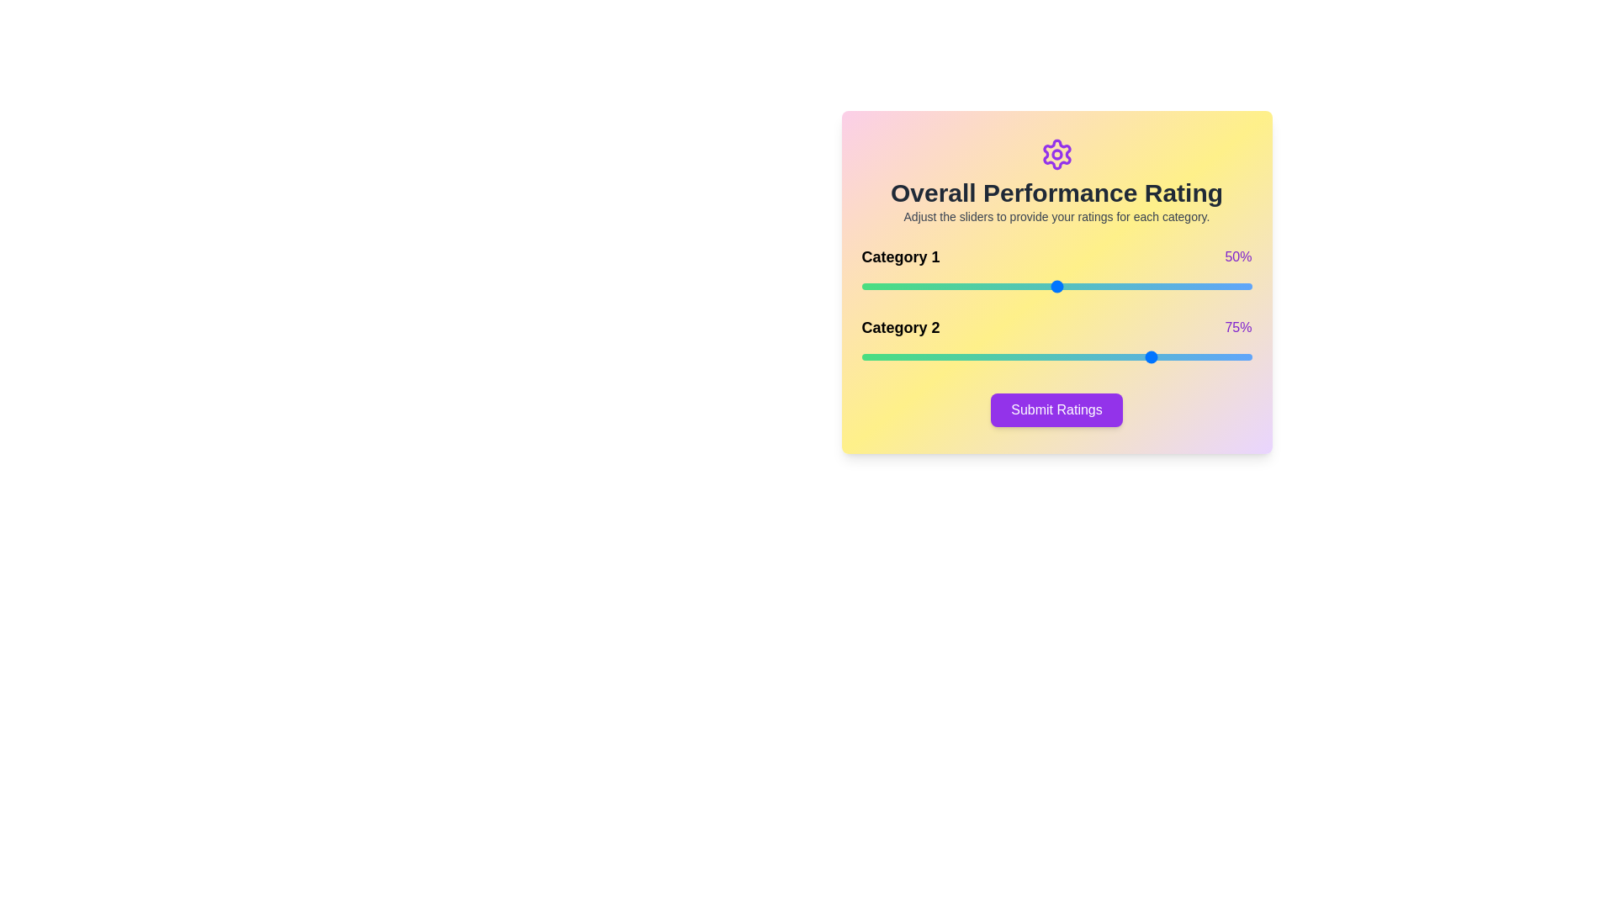 The image size is (1615, 908). What do you see at coordinates (1153, 356) in the screenshot?
I see `the slider for Category 2 to set its rating to 75%` at bounding box center [1153, 356].